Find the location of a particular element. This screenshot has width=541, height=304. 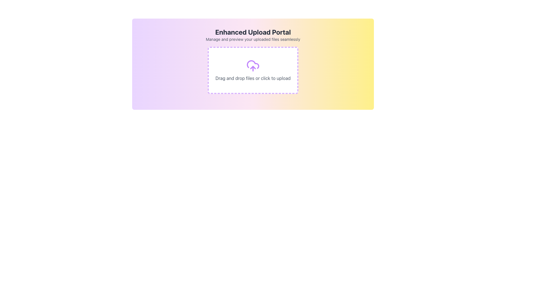

text from the Text Block with Header and Subheader located at the top of the upload portal, which provides the name and functionality overview of the portal is located at coordinates (252, 35).